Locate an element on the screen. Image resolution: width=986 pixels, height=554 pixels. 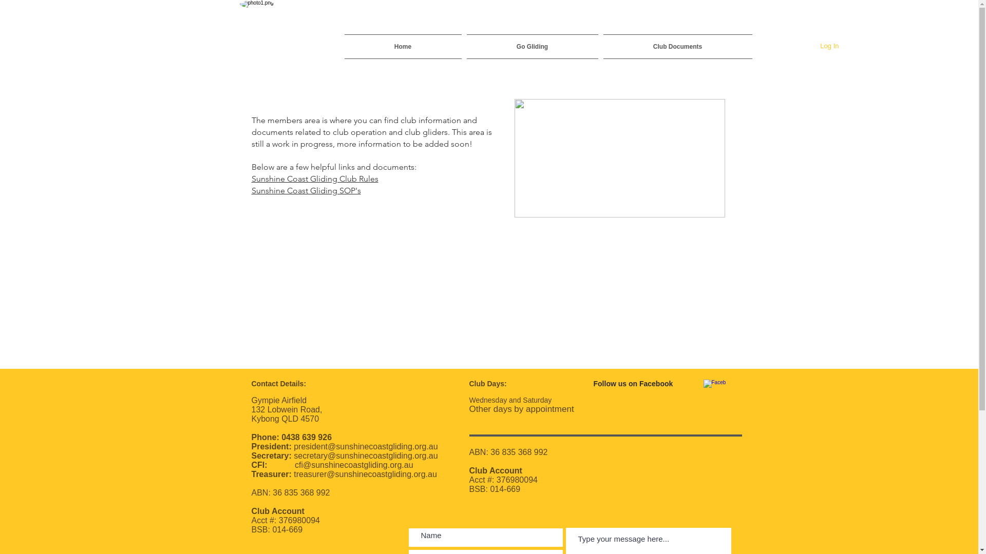
'Club Documents' is located at coordinates (676, 47).